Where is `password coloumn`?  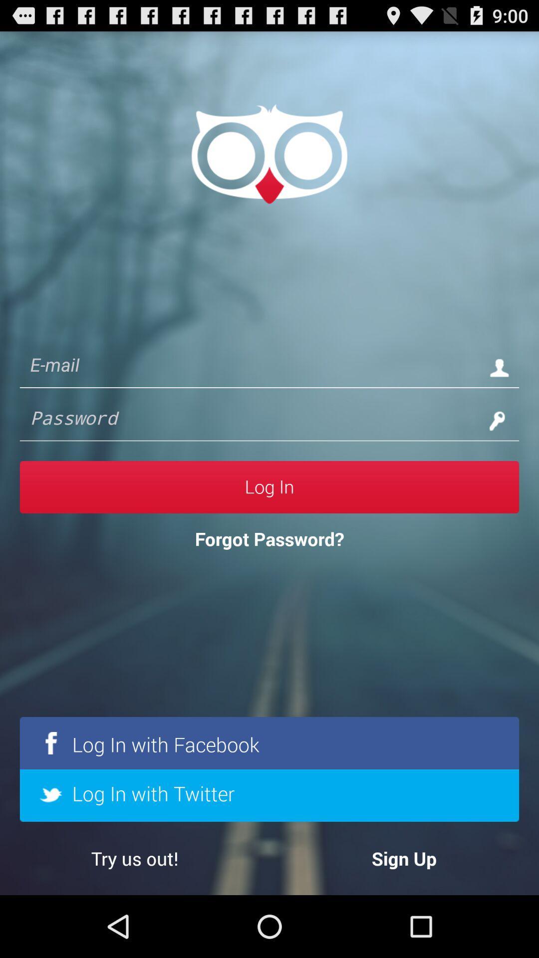
password coloumn is located at coordinates (249, 421).